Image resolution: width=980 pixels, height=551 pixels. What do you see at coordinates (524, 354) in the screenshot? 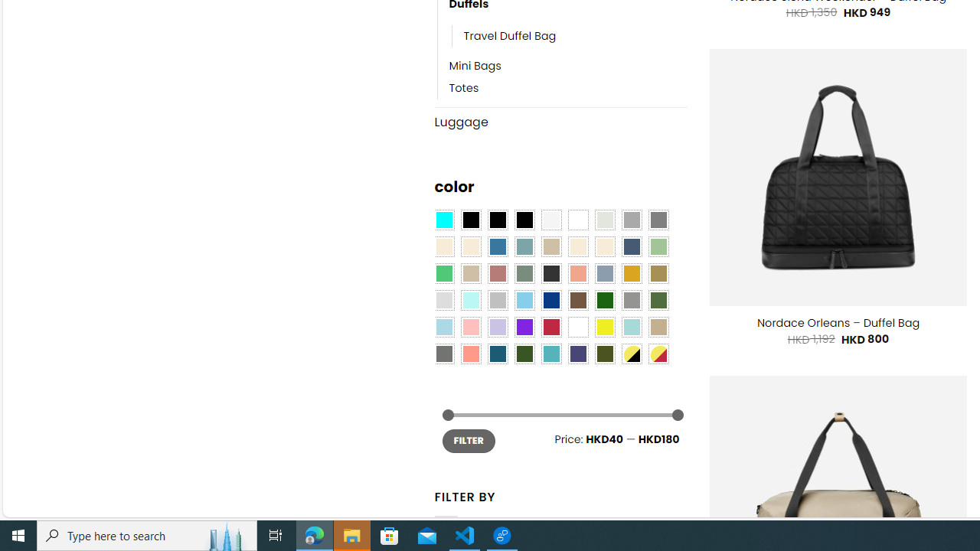
I see `'Forest'` at bounding box center [524, 354].